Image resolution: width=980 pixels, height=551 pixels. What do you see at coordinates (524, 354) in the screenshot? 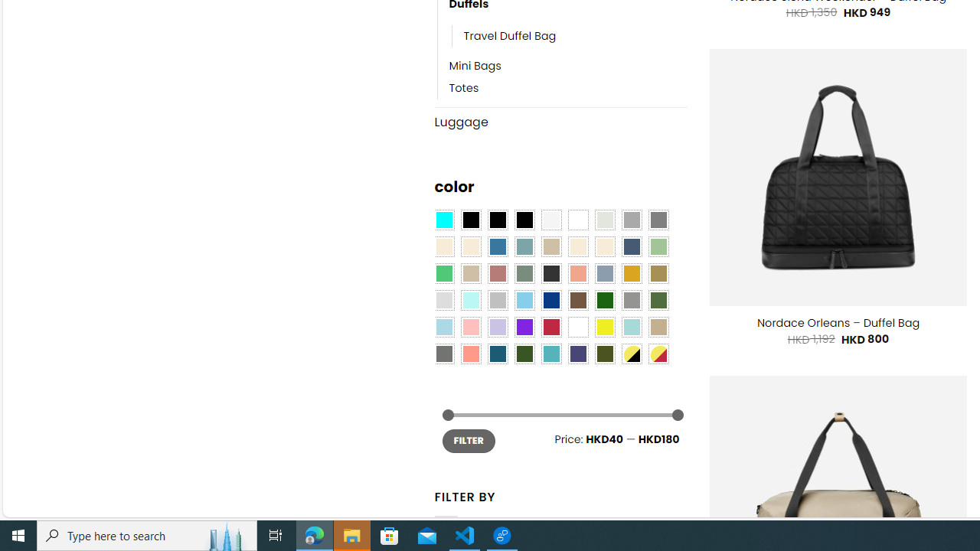
I see `'Forest'` at bounding box center [524, 354].